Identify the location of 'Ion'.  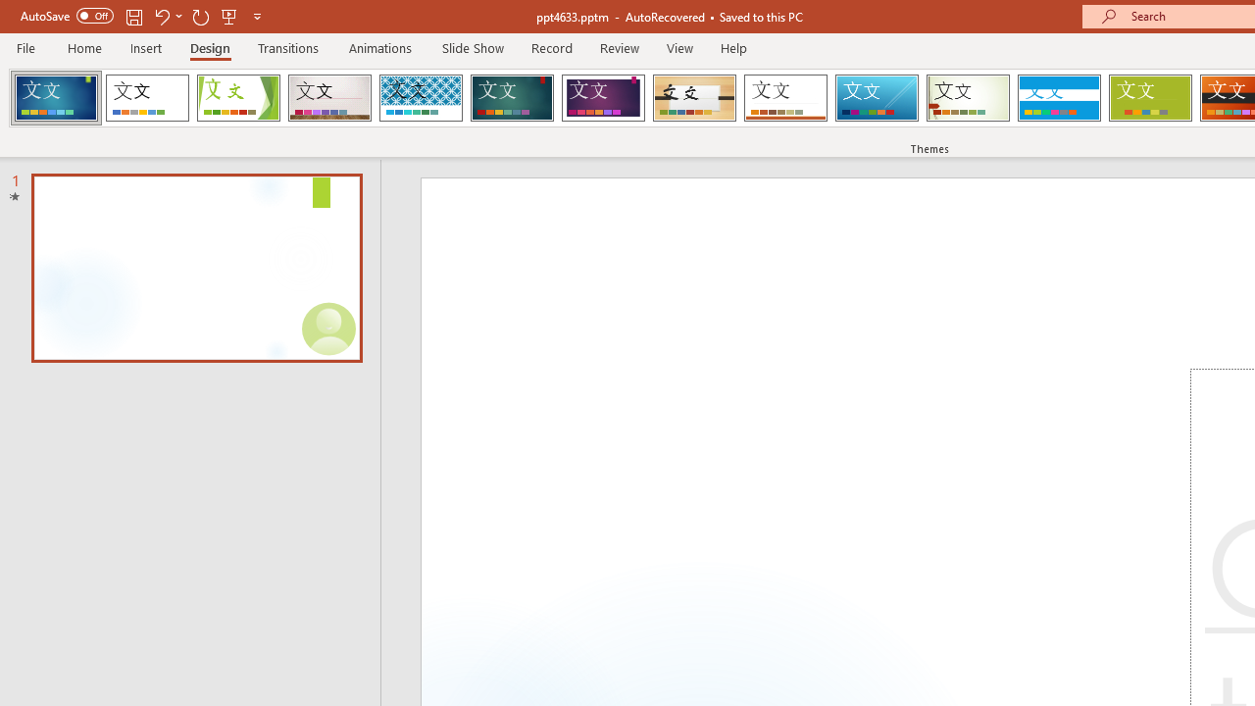
(512, 98).